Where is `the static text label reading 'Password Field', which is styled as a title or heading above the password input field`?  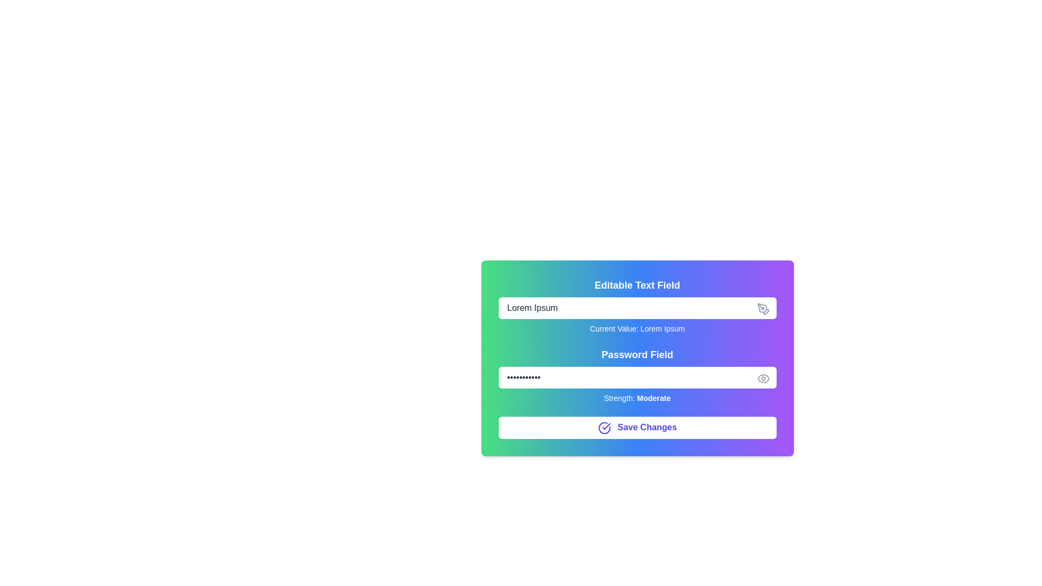
the static text label reading 'Password Field', which is styled as a title or heading above the password input field is located at coordinates (637, 355).